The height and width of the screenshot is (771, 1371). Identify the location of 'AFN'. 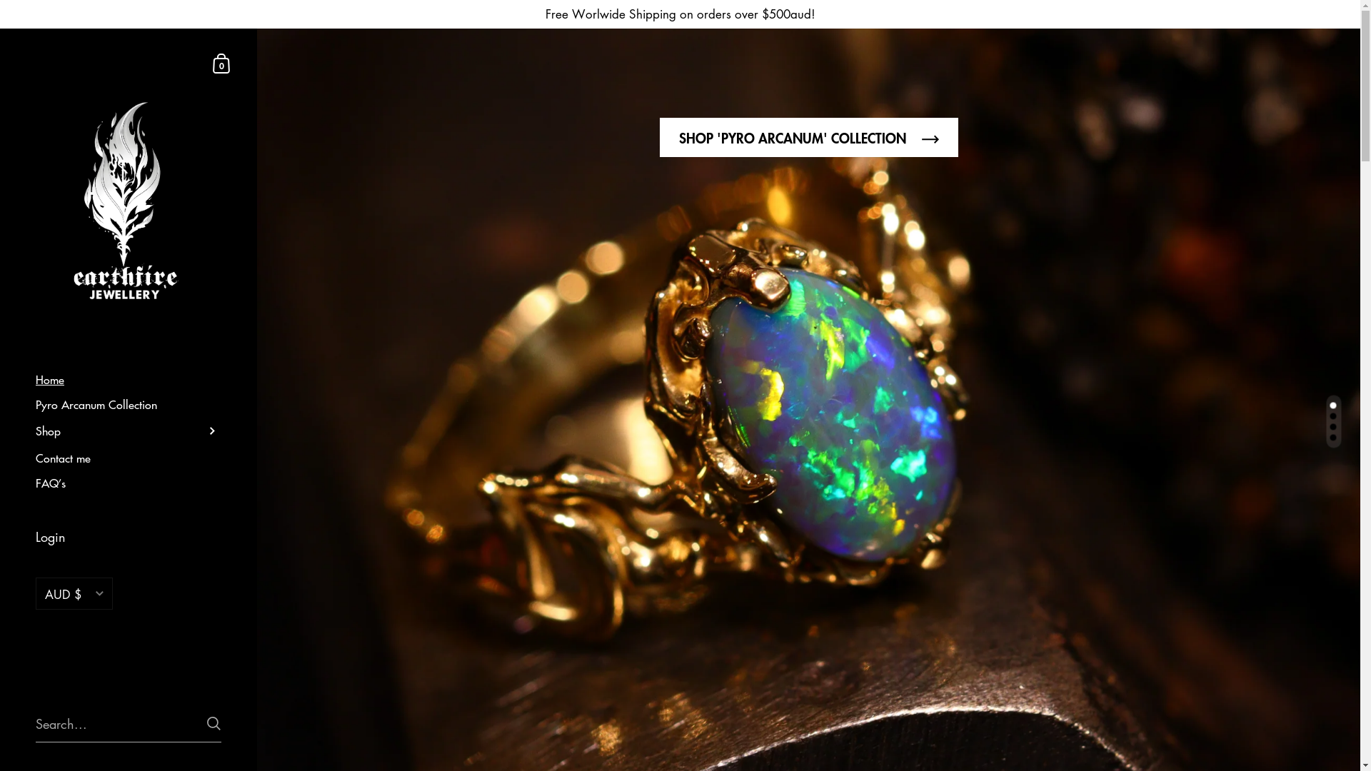
(74, 652).